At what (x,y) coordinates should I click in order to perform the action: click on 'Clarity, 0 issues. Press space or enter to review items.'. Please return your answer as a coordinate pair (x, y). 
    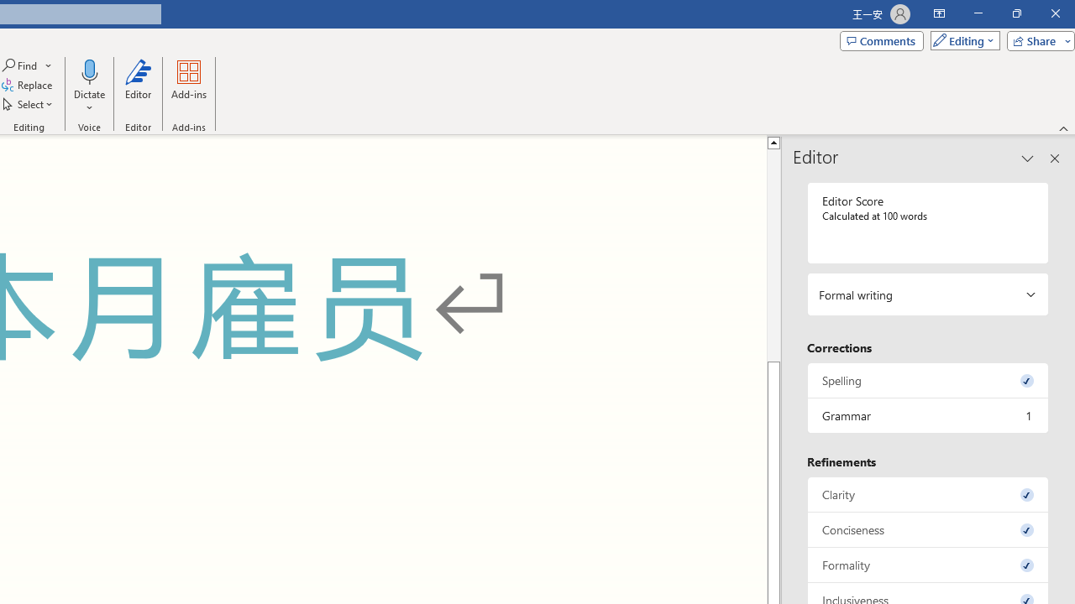
    Looking at the image, I should click on (927, 493).